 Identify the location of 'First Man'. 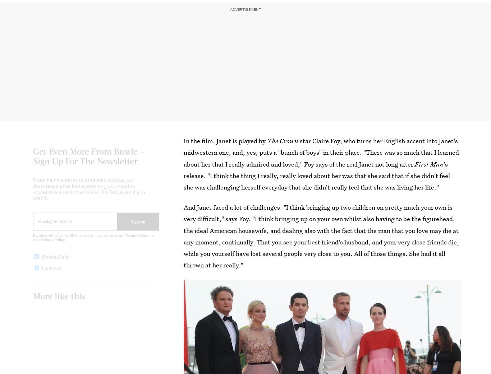
(414, 164).